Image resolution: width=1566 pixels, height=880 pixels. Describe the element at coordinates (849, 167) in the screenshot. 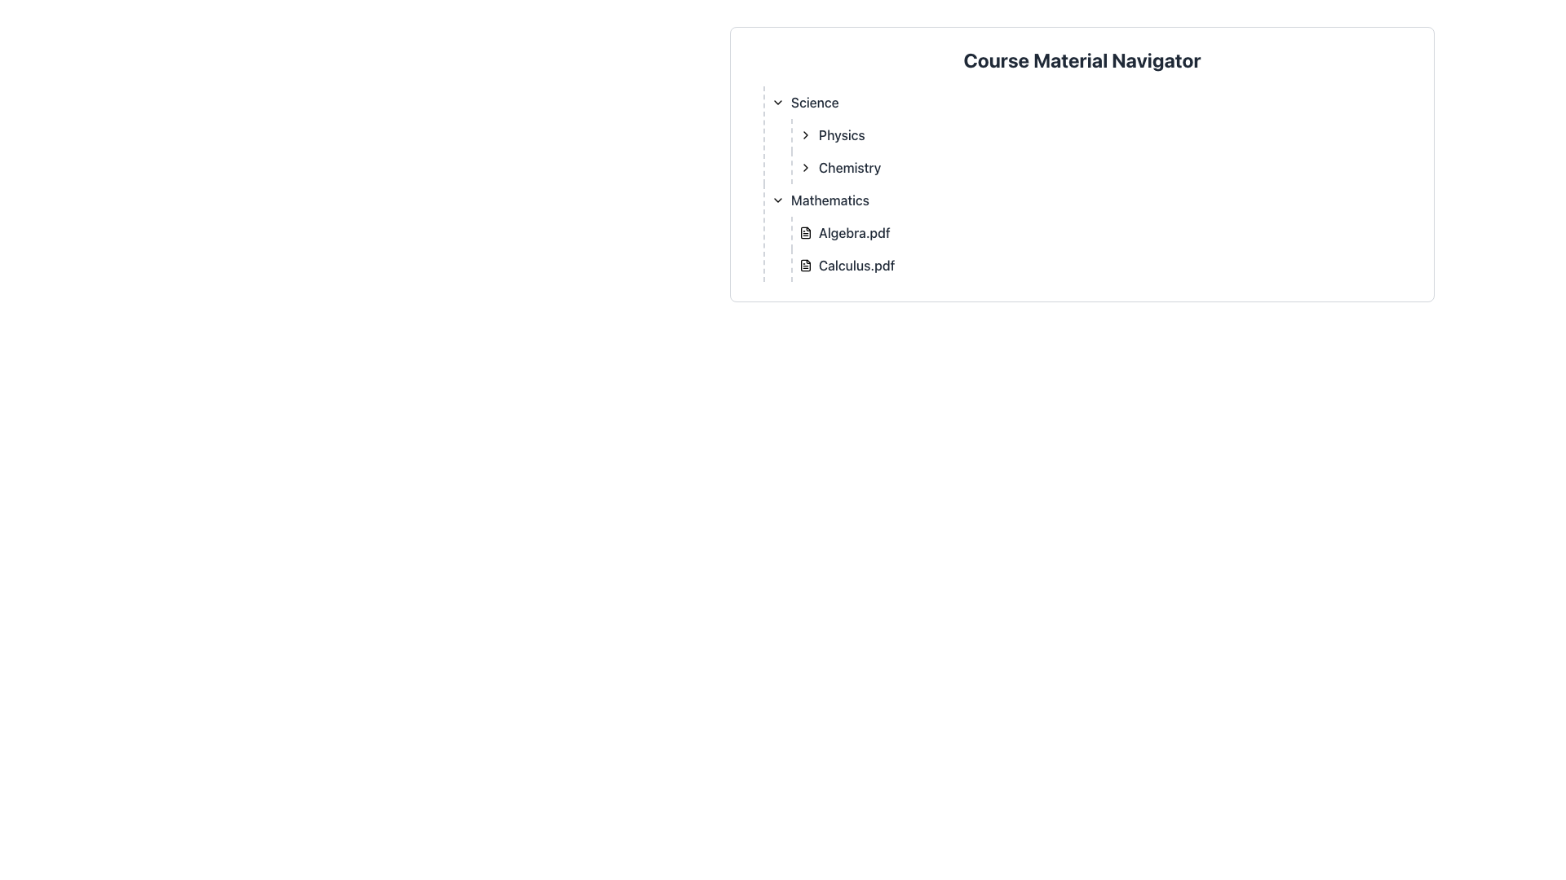

I see `the 'Chemistry' text label in the 'Science' section of the Course Material Navigator, which is styled in medium font weight and dark gray color` at that location.